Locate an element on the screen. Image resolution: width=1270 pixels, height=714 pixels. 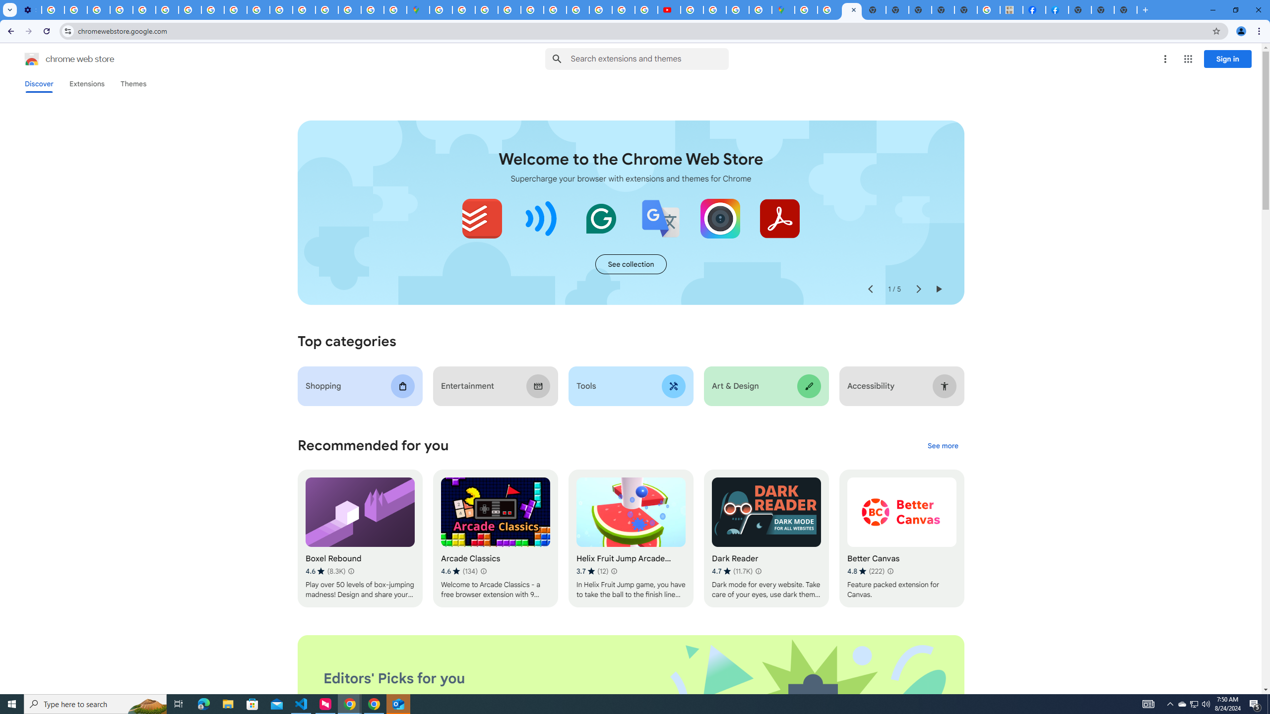
'Extensions' is located at coordinates (87, 83).